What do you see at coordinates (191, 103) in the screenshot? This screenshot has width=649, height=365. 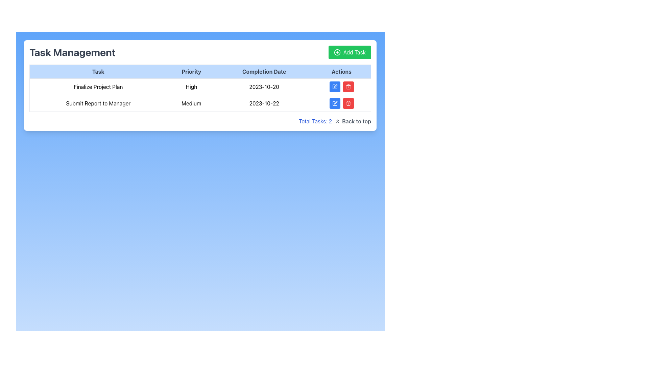 I see `the text label indicating the priority level of the task 'Submit Report to Manager', which is located in the second row under the 'Priority' column` at bounding box center [191, 103].